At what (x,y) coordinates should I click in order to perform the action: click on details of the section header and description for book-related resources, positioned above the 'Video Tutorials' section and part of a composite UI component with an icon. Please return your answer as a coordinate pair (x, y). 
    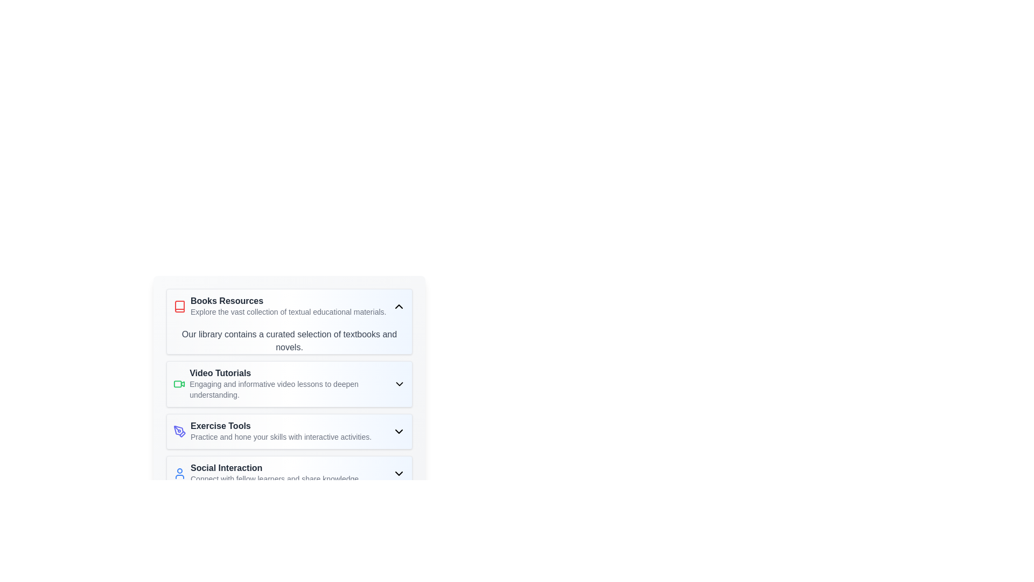
    Looking at the image, I should click on (288, 307).